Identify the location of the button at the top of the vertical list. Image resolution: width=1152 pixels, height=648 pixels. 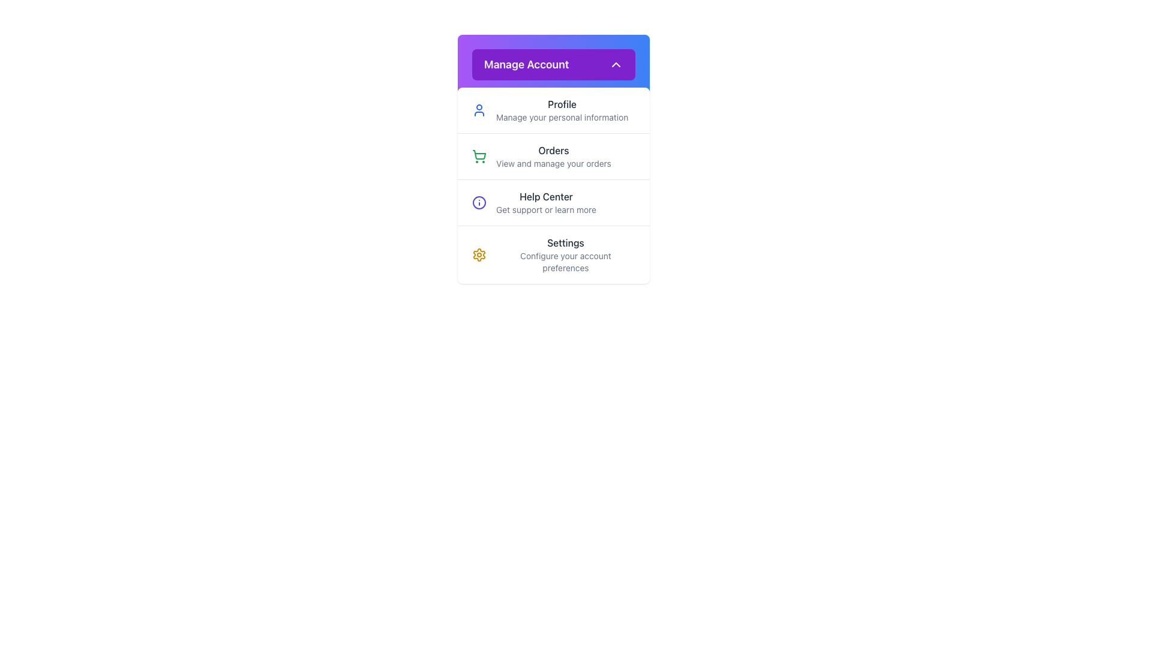
(553, 65).